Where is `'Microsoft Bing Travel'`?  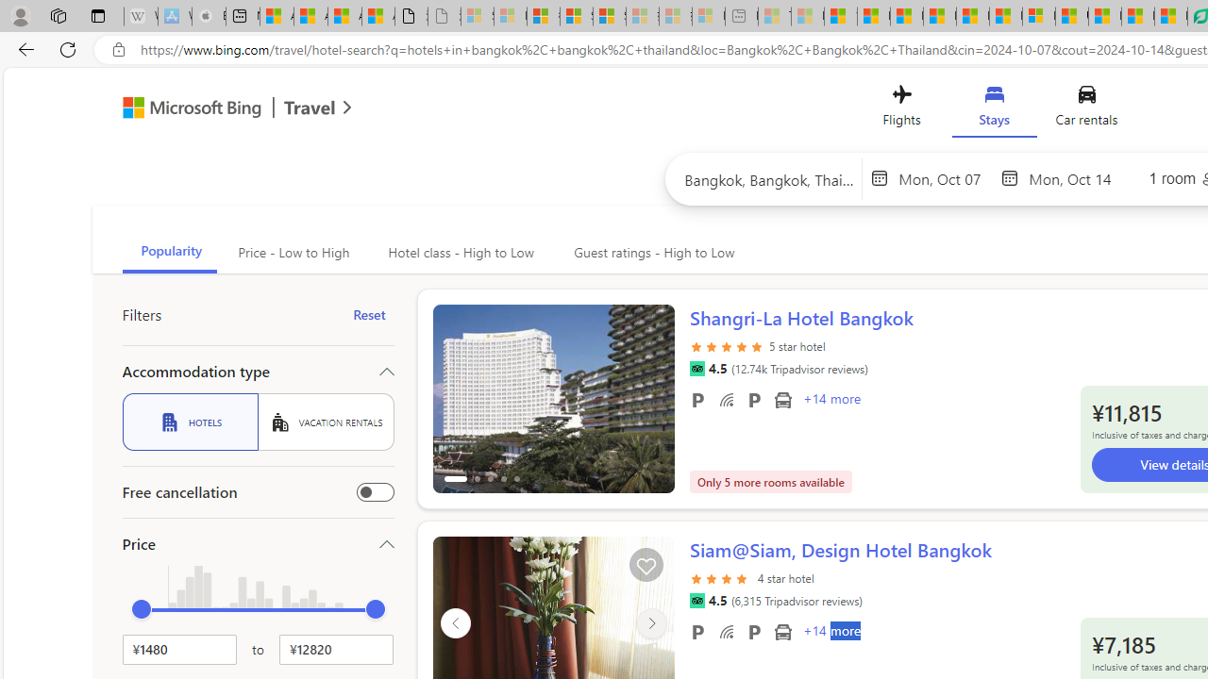
'Microsoft Bing Travel' is located at coordinates (217, 110).